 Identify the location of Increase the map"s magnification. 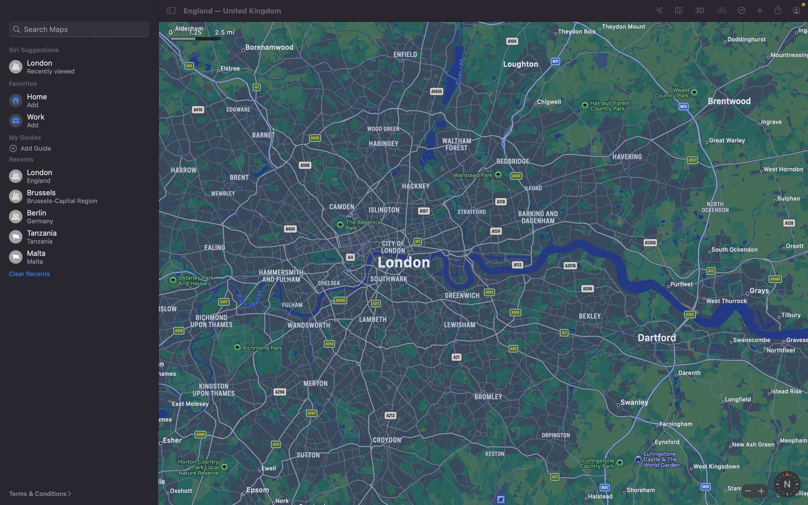
(760, 490).